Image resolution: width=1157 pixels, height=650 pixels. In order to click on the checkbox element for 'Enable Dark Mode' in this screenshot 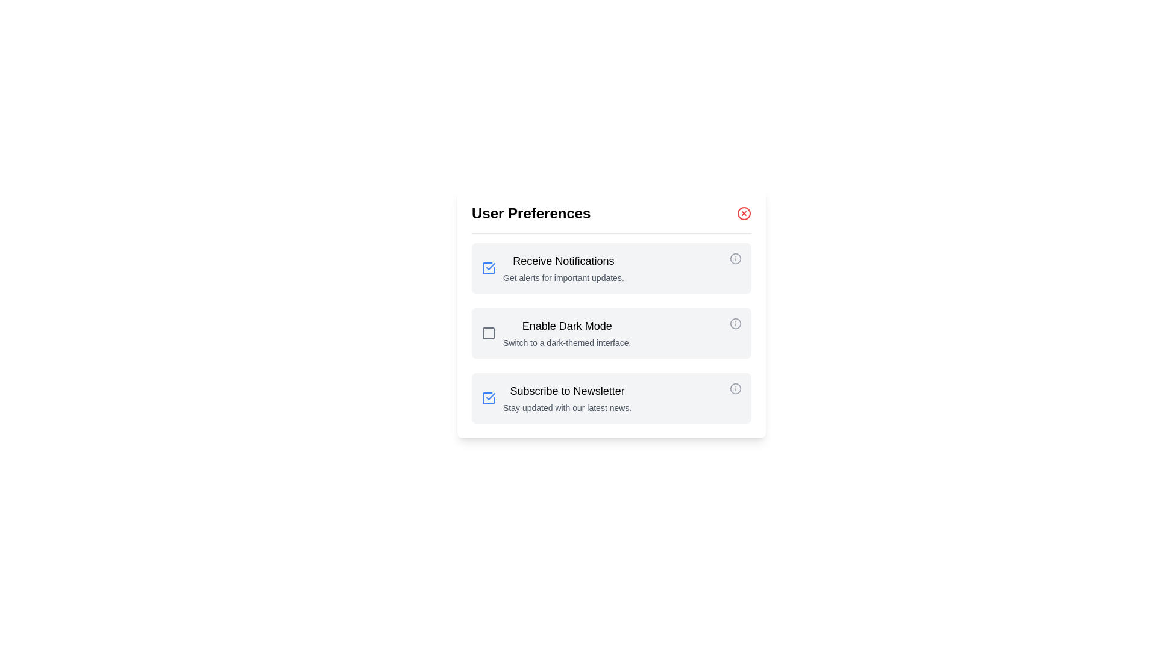, I will do `click(492, 333)`.